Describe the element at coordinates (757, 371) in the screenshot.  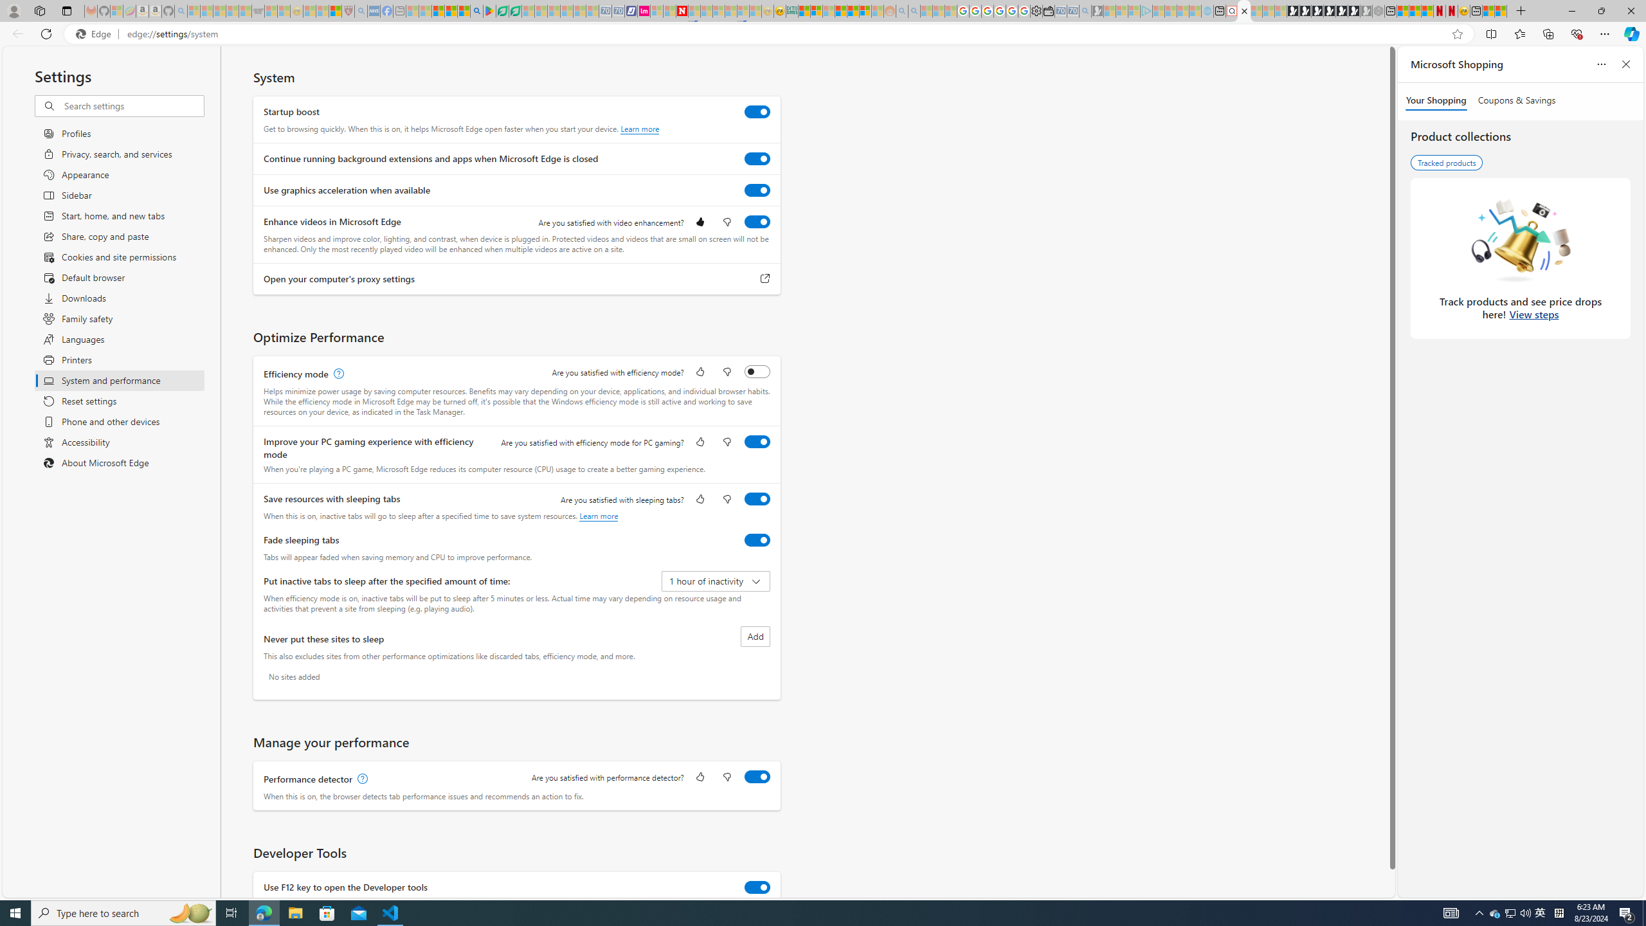
I see `'Efficiency mode'` at that location.